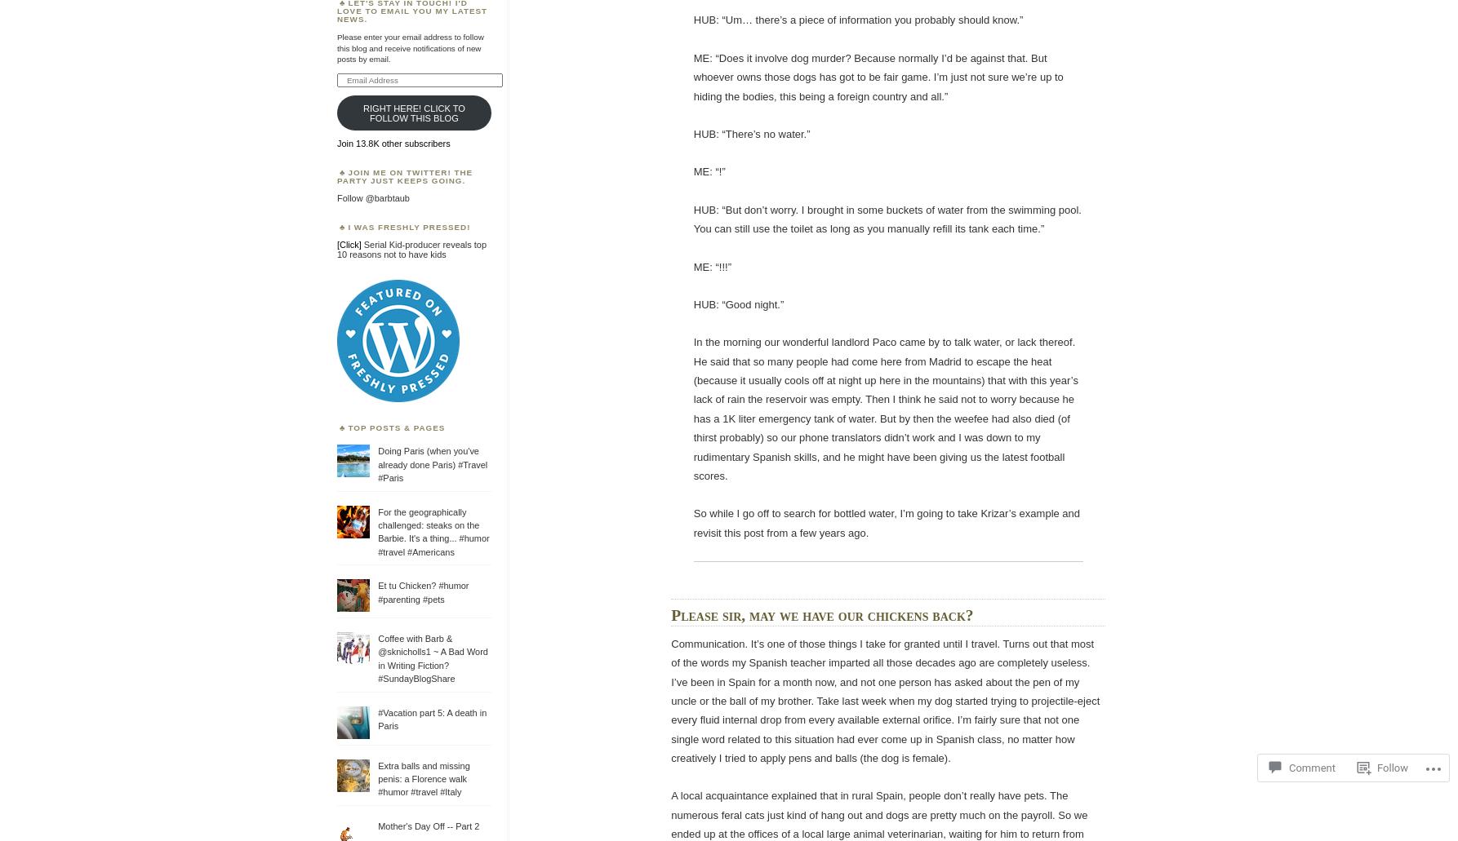 Image resolution: width=1458 pixels, height=841 pixels. What do you see at coordinates (669, 701) in the screenshot?
I see `'Communication. It’s one of those things I take for granted until I travel. Turns out that most of the words my Spanish teacher imparted all those decades ago are completely useless. I’ve been in Spain for a month now, and not one person has asked about the pen of my uncle or the ball of my brother. Take last week when my dog started trying to projectile-eject every fluid internal drop from every available external orifice. I’m fairly sure that not one single word related to this situation had ever come up in Spanish class, no matter how creatively I tried to apply pens and balls (the dog is female).'` at bounding box center [669, 701].